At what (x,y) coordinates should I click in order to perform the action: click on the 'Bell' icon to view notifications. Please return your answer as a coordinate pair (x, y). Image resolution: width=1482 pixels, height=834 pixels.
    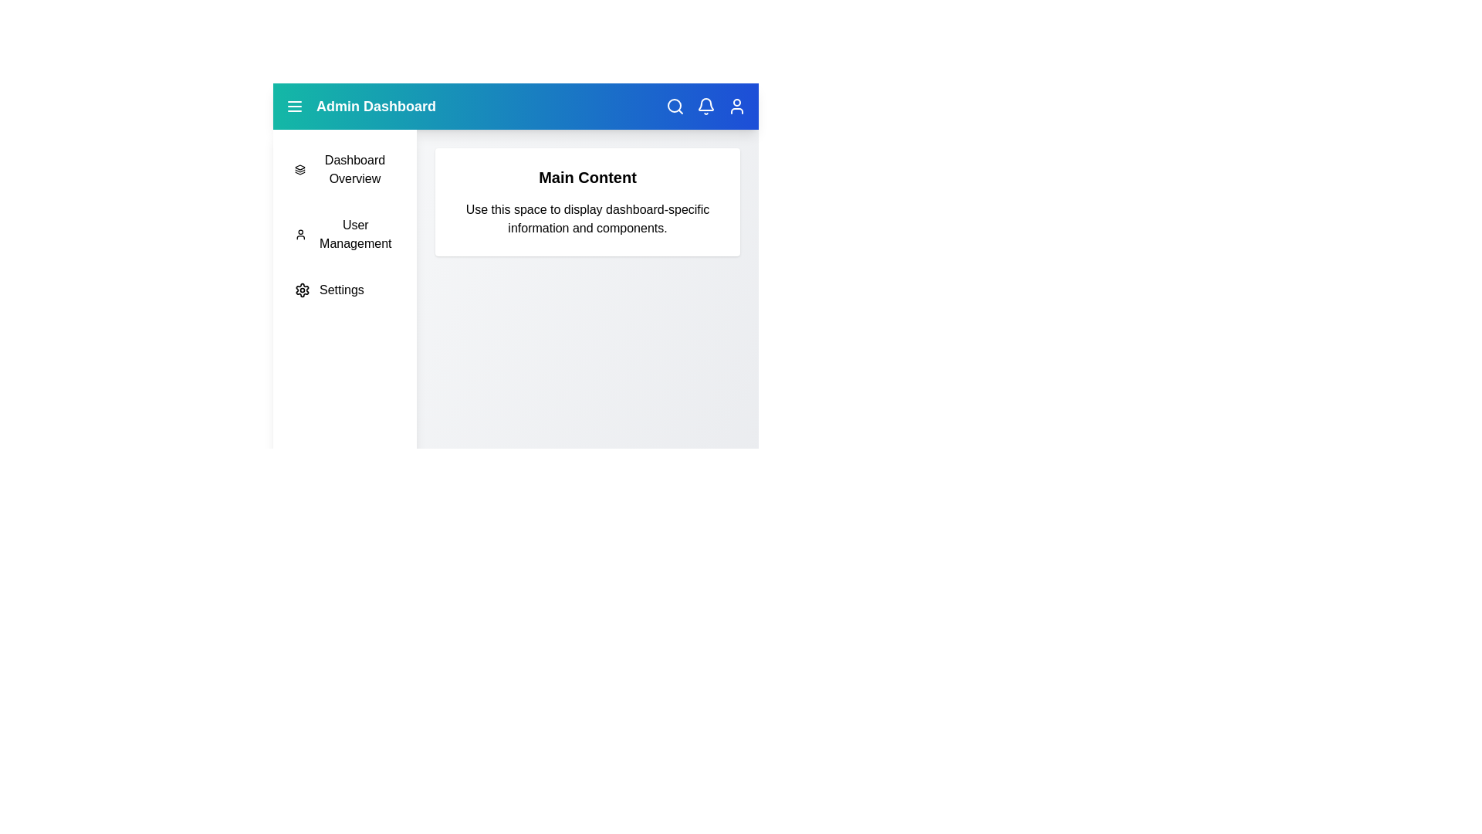
    Looking at the image, I should click on (705, 106).